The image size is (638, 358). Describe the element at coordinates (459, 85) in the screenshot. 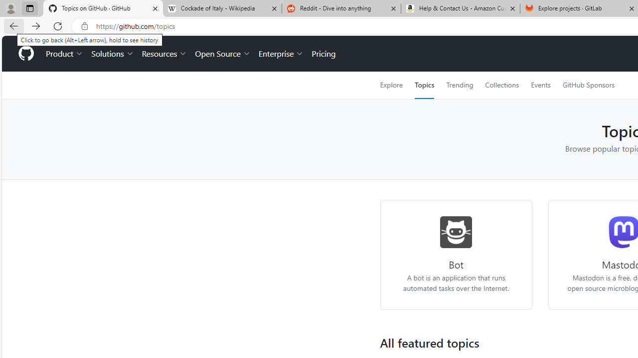

I see `'Trending'` at that location.